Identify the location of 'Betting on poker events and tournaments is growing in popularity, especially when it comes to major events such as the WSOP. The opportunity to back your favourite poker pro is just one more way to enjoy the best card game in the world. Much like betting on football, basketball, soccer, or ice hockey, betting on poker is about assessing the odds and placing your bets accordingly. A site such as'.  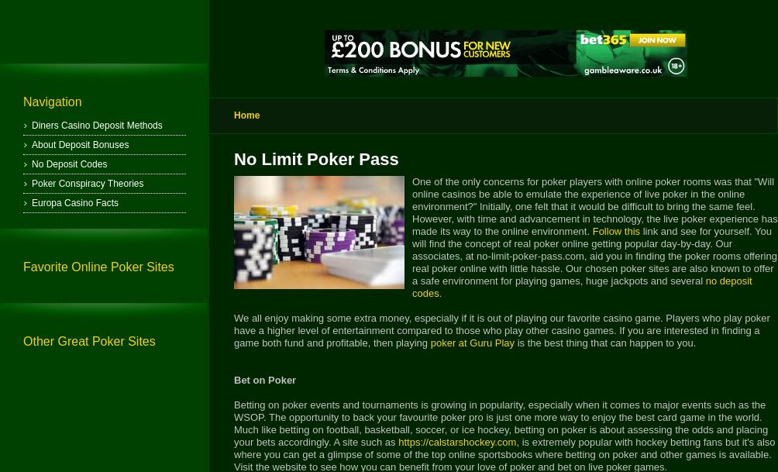
(500, 423).